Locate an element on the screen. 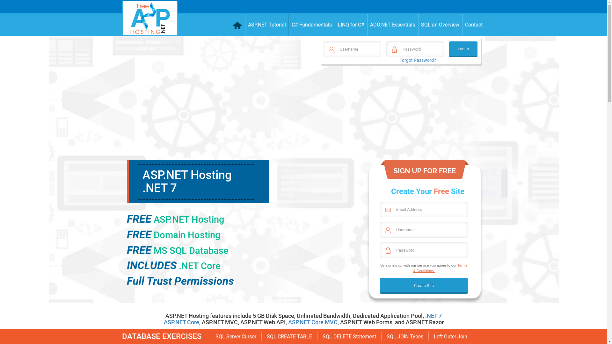  'ASP.NET Hosting .NET 7' is located at coordinates (186, 182).